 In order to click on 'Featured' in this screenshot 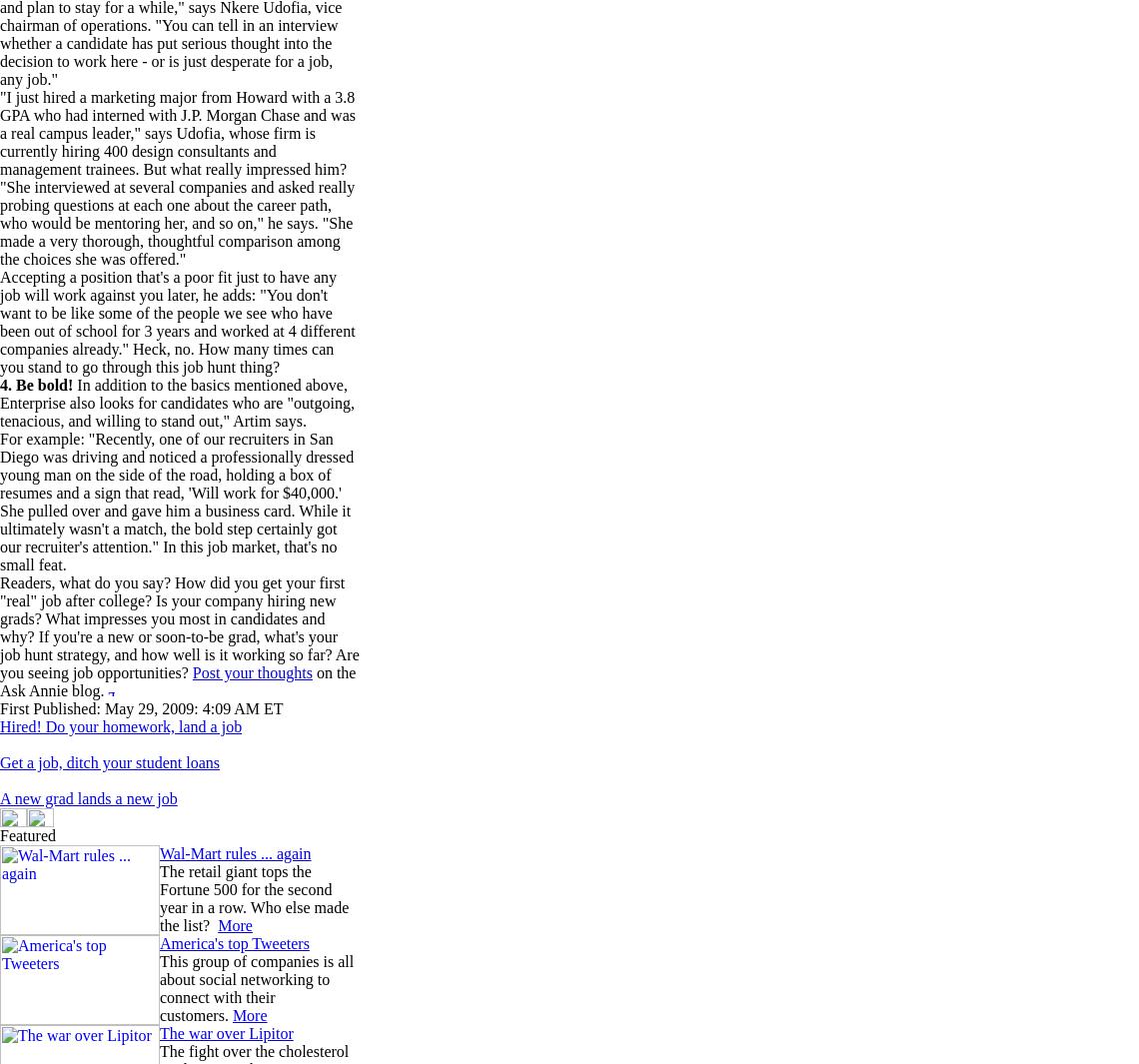, I will do `click(27, 835)`.